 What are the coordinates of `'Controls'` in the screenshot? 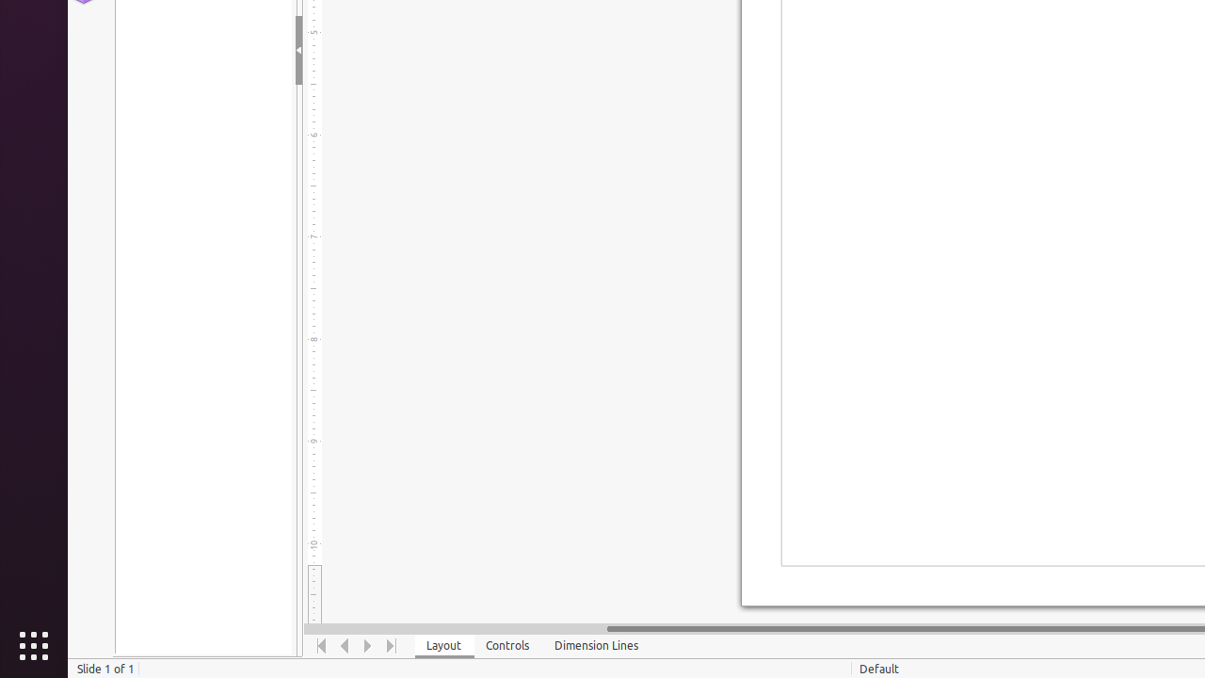 It's located at (508, 645).